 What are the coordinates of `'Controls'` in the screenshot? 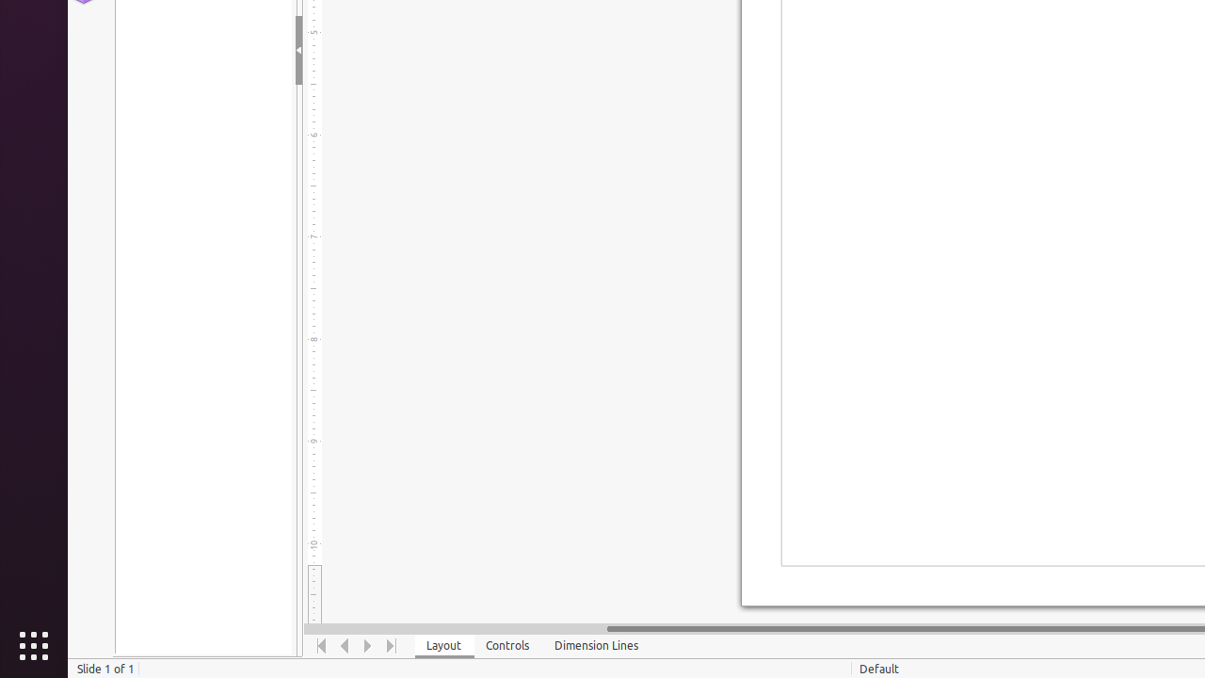 It's located at (508, 645).